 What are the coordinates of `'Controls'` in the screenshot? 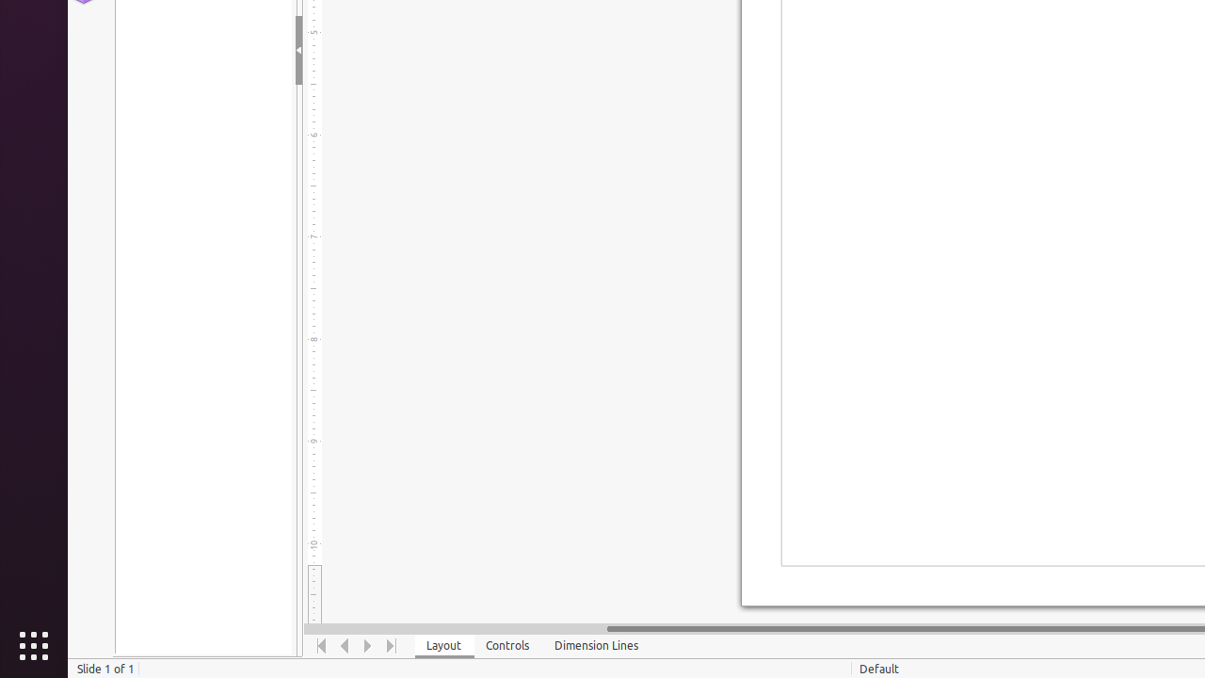 It's located at (508, 645).